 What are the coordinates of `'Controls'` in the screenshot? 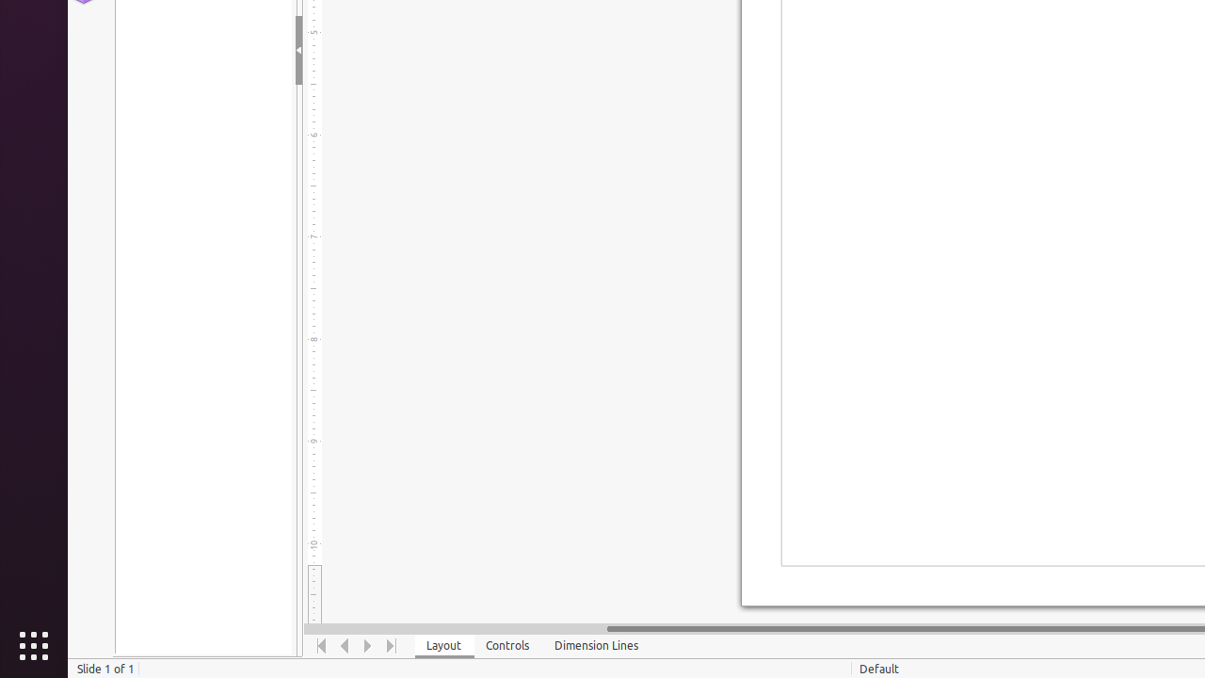 It's located at (508, 645).